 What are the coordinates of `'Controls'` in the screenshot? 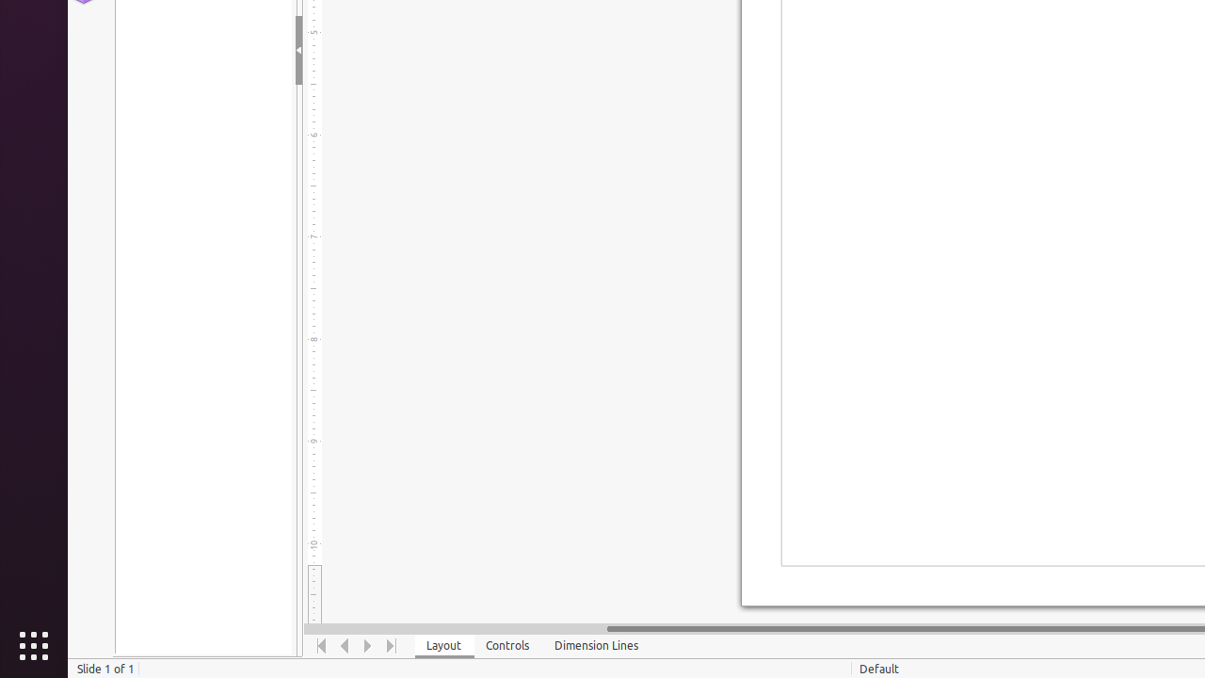 It's located at (508, 645).